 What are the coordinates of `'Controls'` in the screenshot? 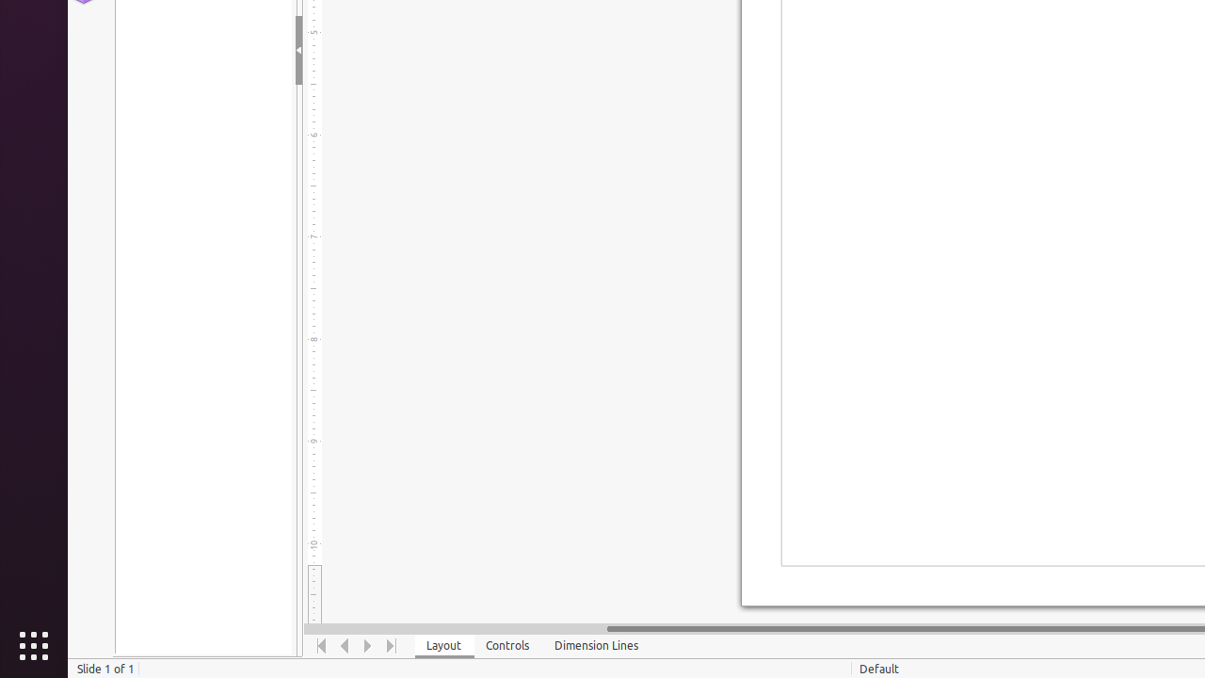 It's located at (508, 645).